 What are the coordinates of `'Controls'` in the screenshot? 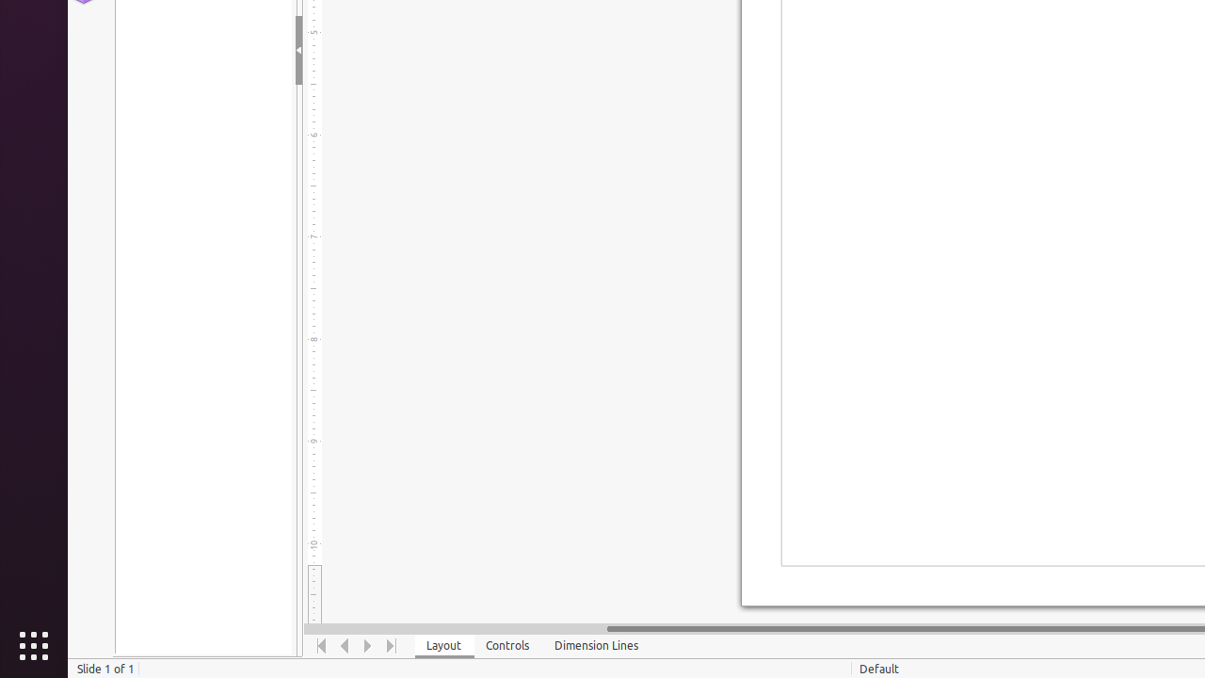 It's located at (508, 645).